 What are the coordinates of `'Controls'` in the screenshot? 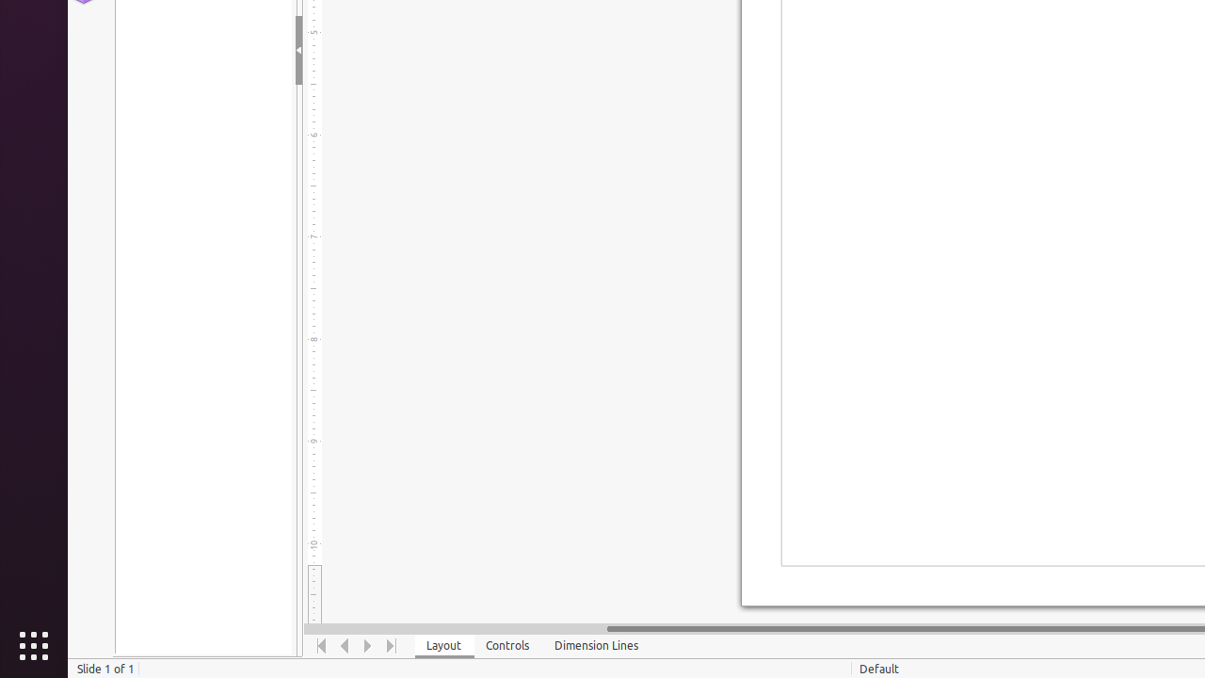 It's located at (508, 645).